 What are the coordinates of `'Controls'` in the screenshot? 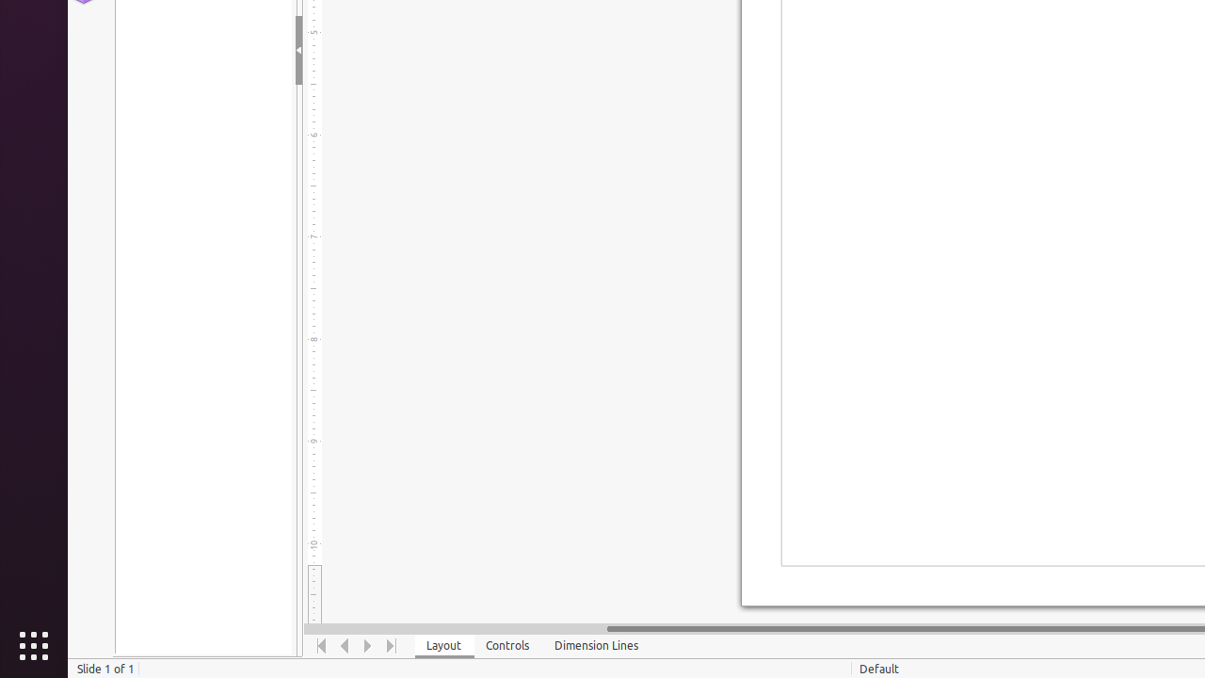 It's located at (508, 645).